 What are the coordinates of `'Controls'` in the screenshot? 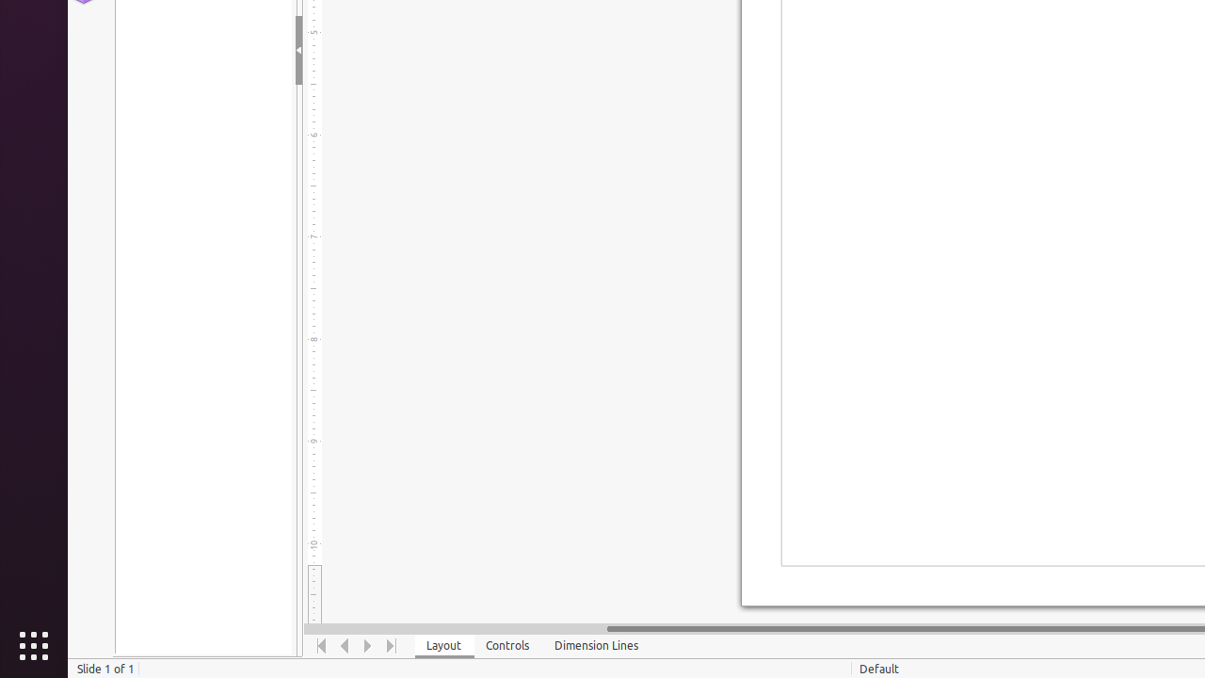 It's located at (508, 645).